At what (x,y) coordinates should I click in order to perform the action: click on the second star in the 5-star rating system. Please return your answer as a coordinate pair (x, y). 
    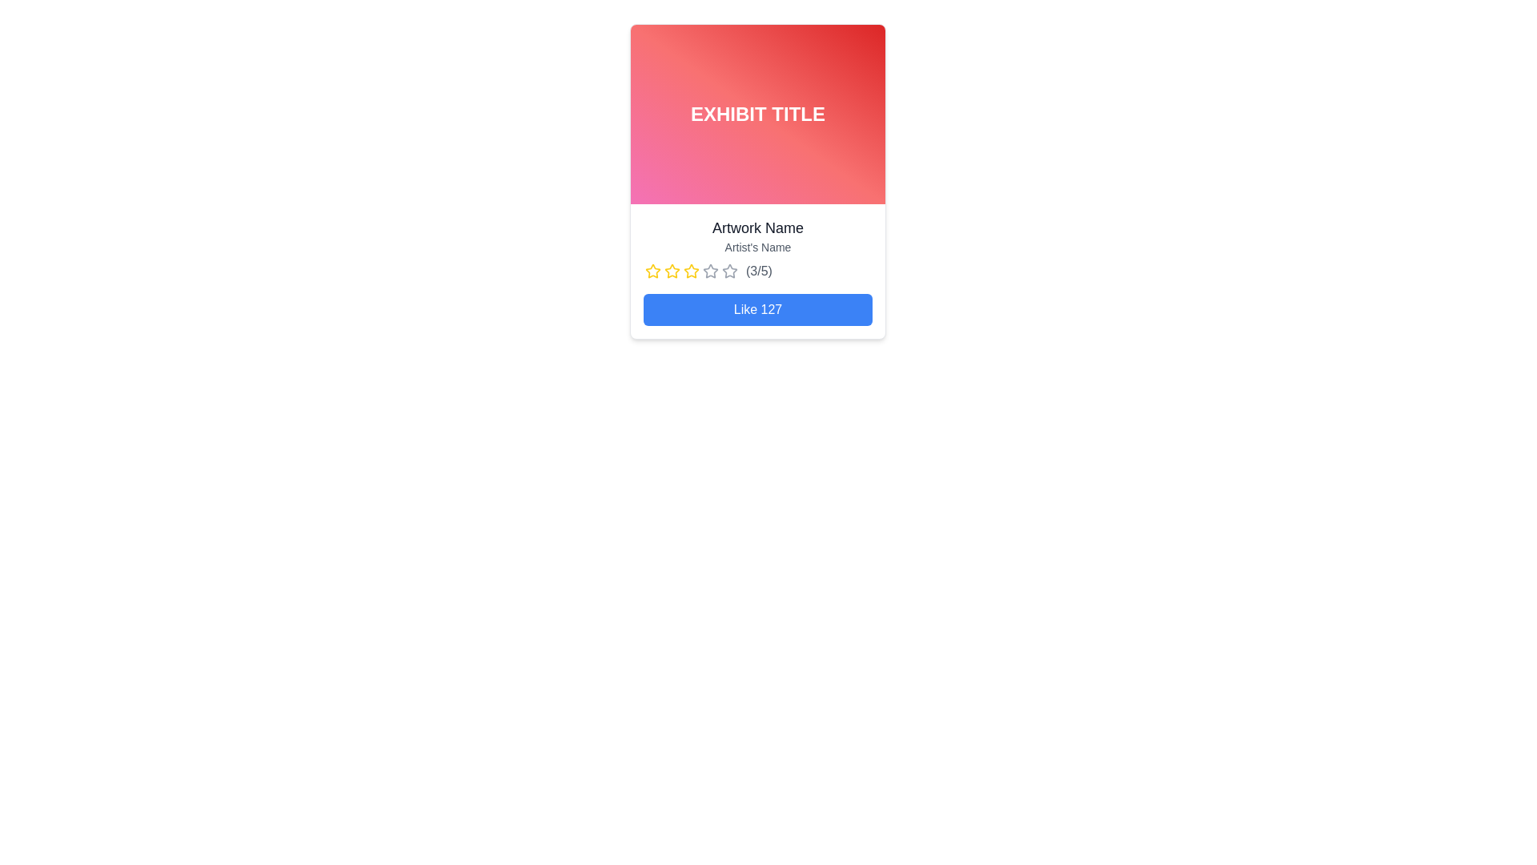
    Looking at the image, I should click on (672, 270).